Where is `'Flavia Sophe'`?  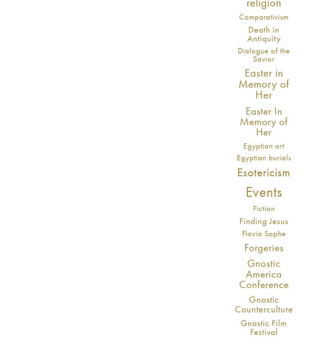
'Flavia Sophe' is located at coordinates (263, 233).